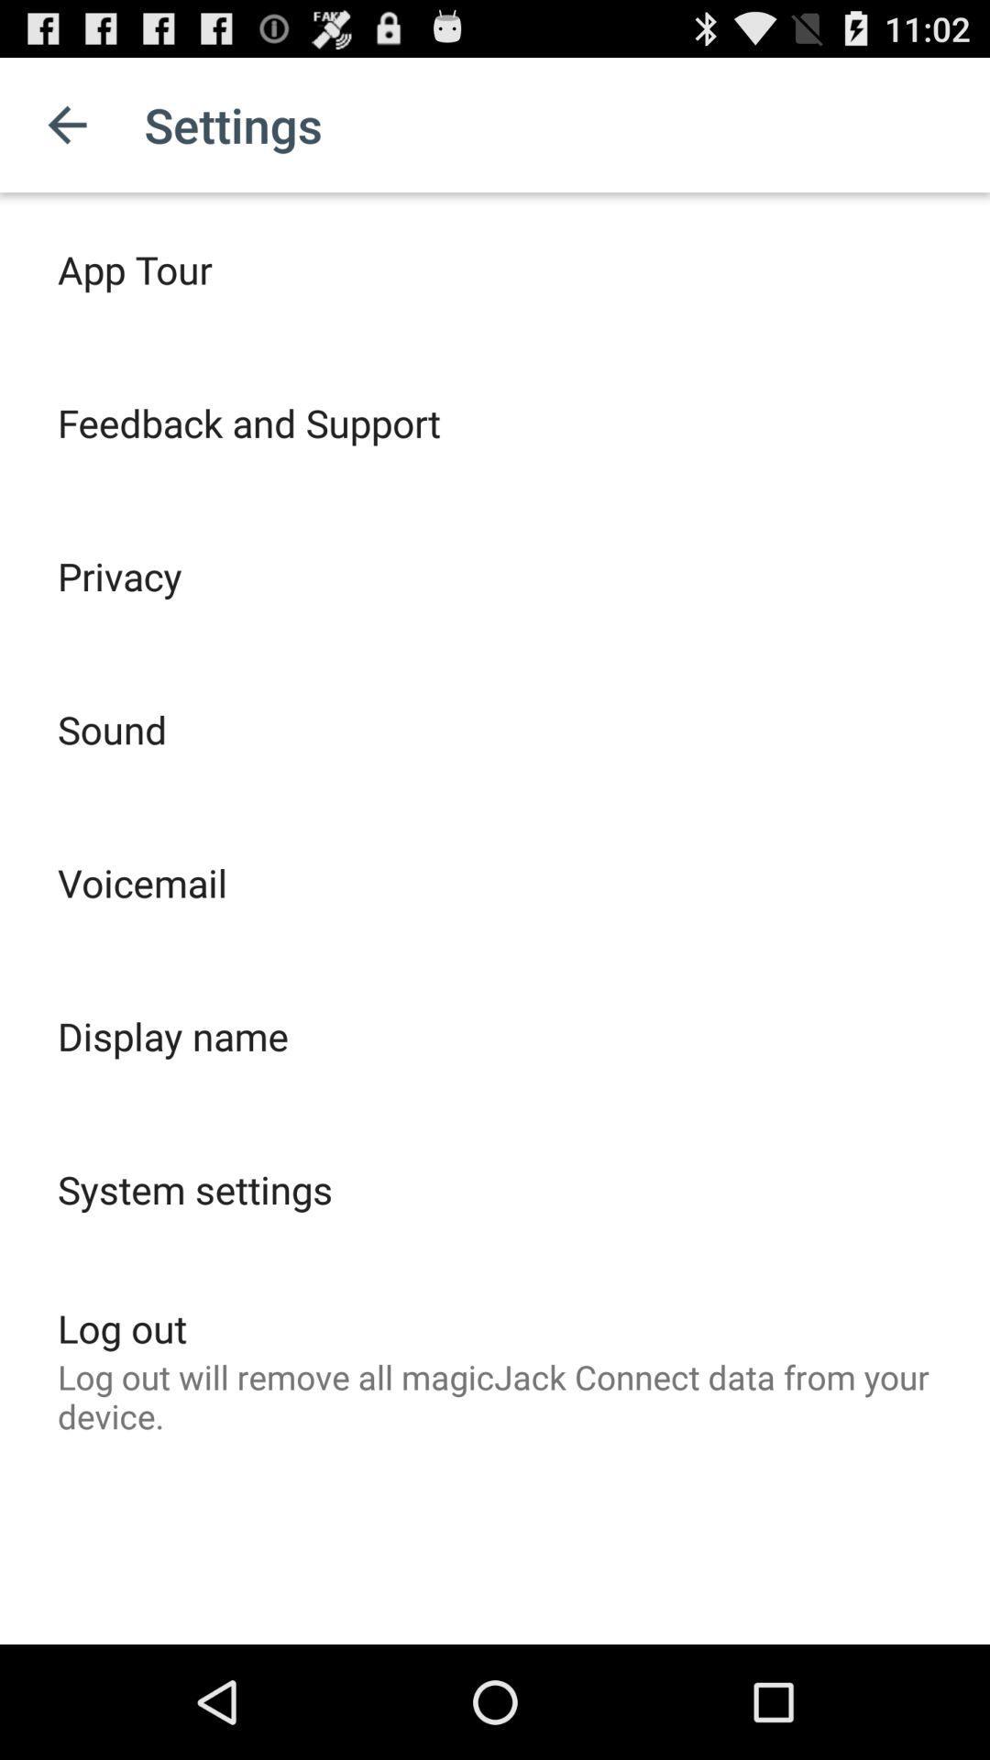 Image resolution: width=990 pixels, height=1760 pixels. Describe the element at coordinates (112, 728) in the screenshot. I see `icon above voicemail` at that location.